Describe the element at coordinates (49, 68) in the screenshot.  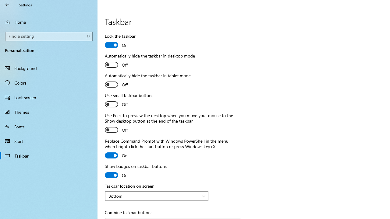
I see `'Background'` at that location.